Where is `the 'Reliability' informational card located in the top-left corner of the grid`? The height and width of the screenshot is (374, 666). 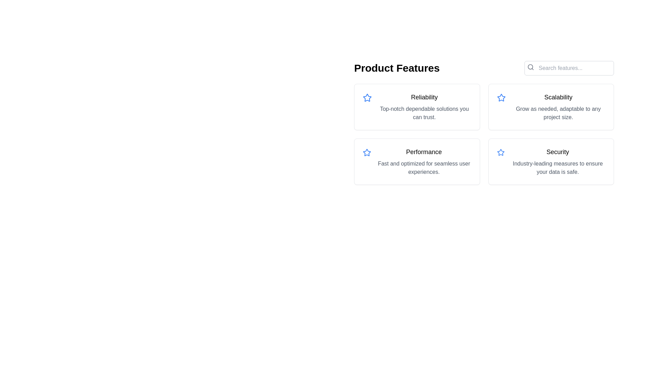 the 'Reliability' informational card located in the top-left corner of the grid is located at coordinates (417, 107).